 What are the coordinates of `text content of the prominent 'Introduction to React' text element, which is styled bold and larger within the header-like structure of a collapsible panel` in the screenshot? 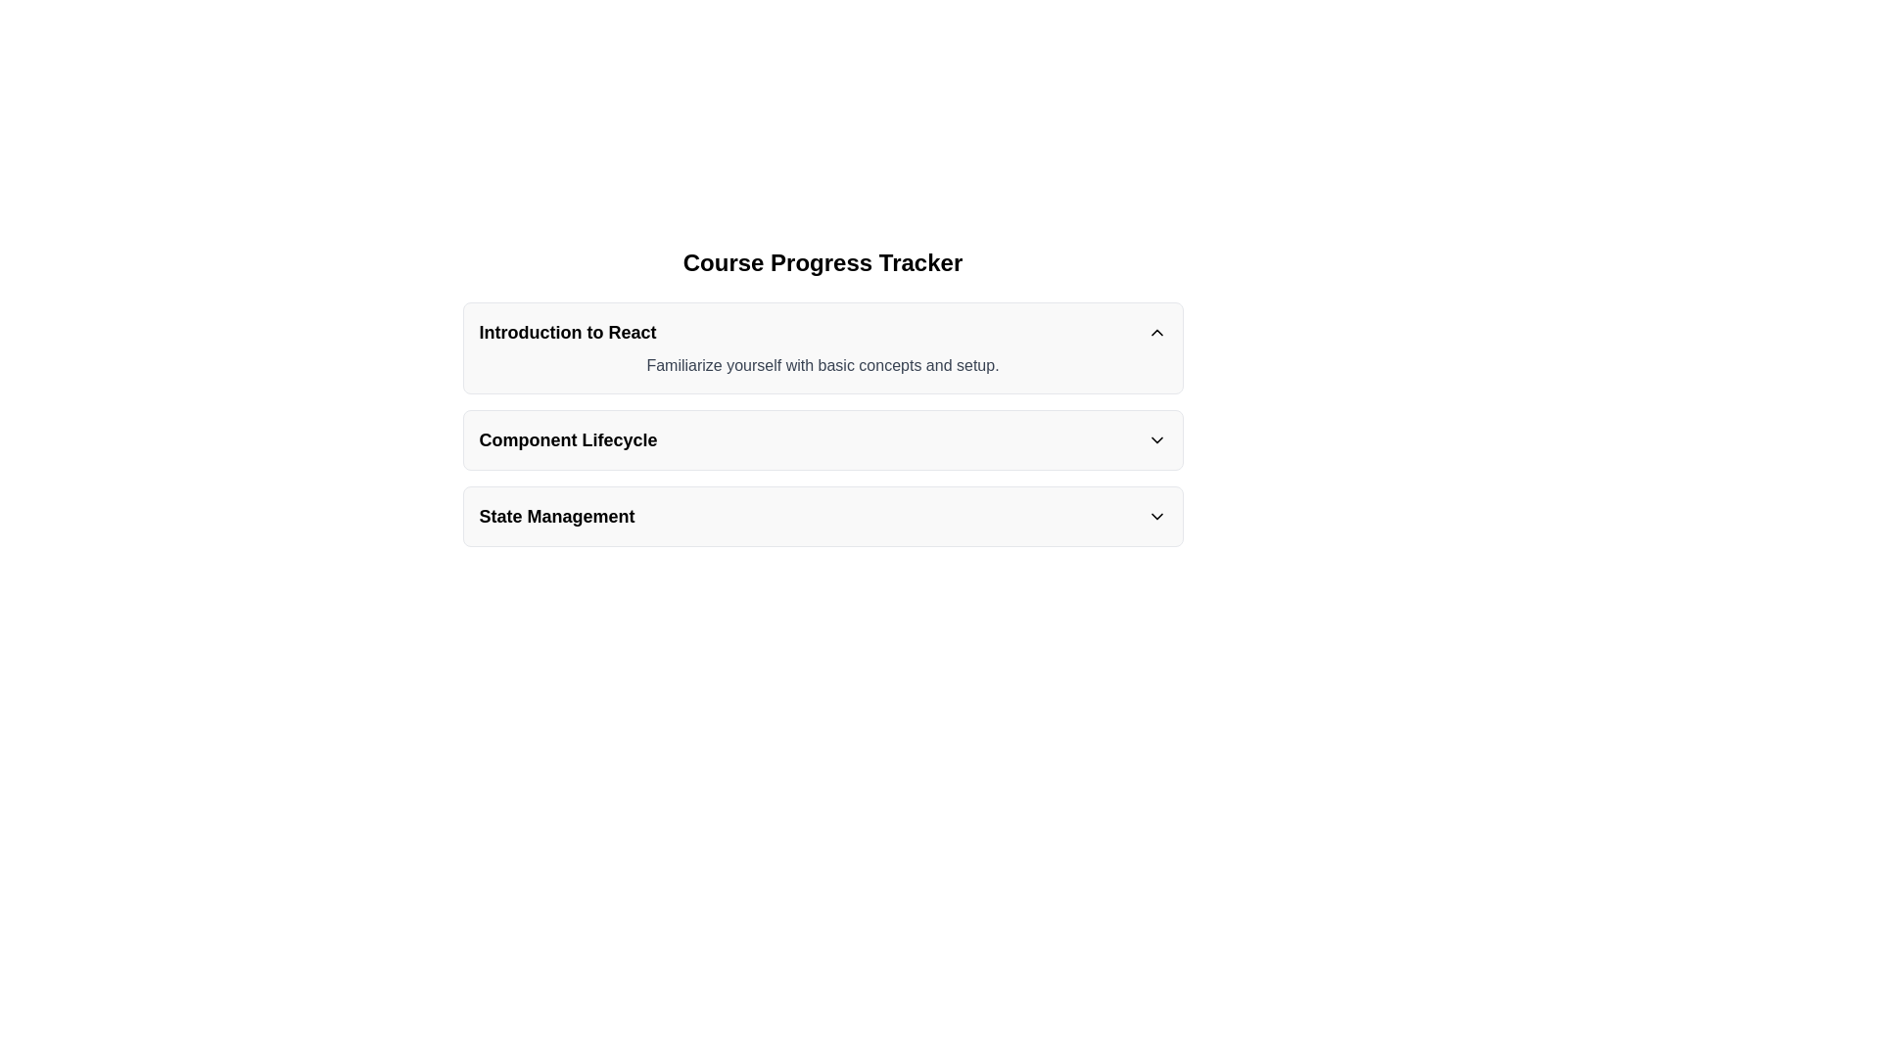 It's located at (567, 331).